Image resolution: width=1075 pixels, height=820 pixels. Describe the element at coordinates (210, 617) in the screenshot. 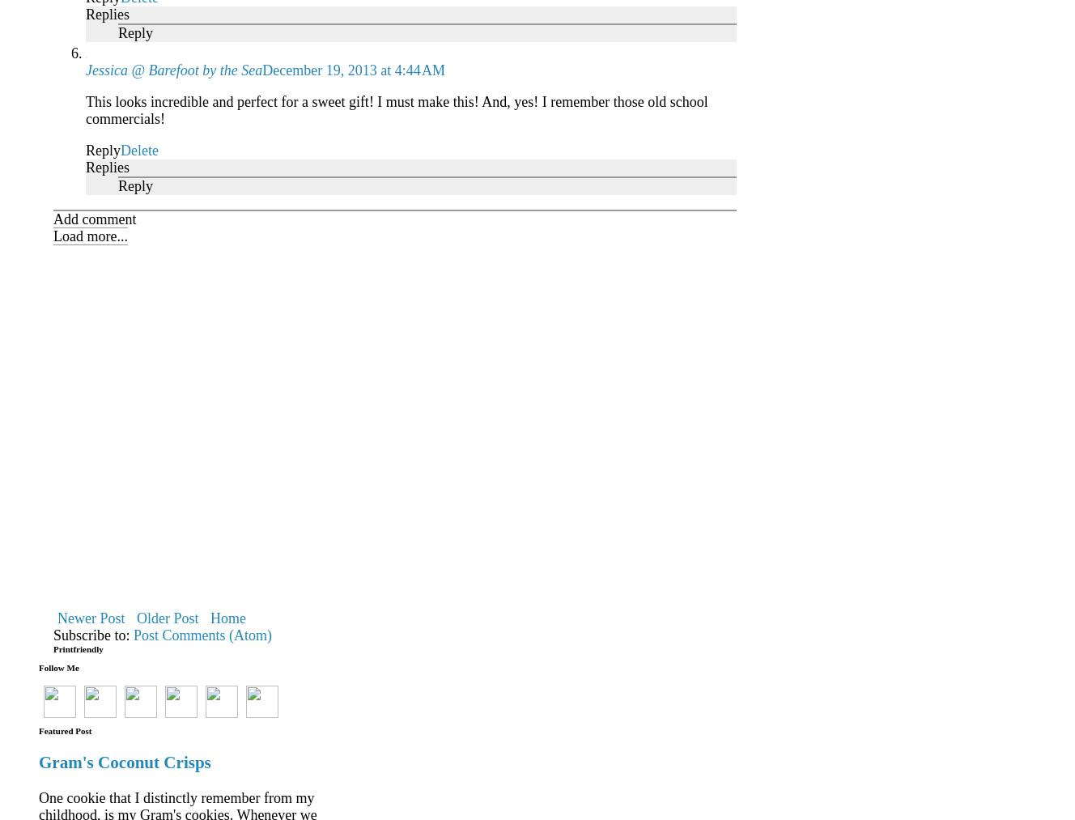

I see `'Home'` at that location.